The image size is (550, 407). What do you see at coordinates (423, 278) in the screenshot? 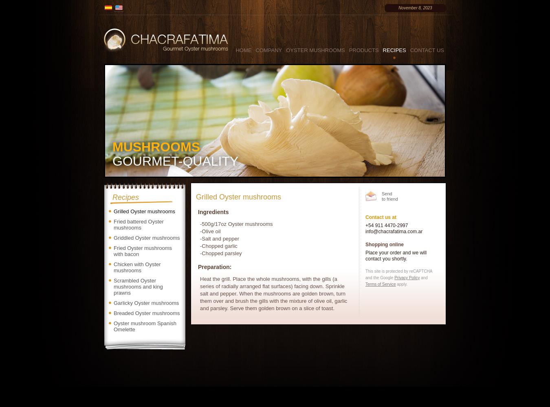
I see `'and'` at bounding box center [423, 278].